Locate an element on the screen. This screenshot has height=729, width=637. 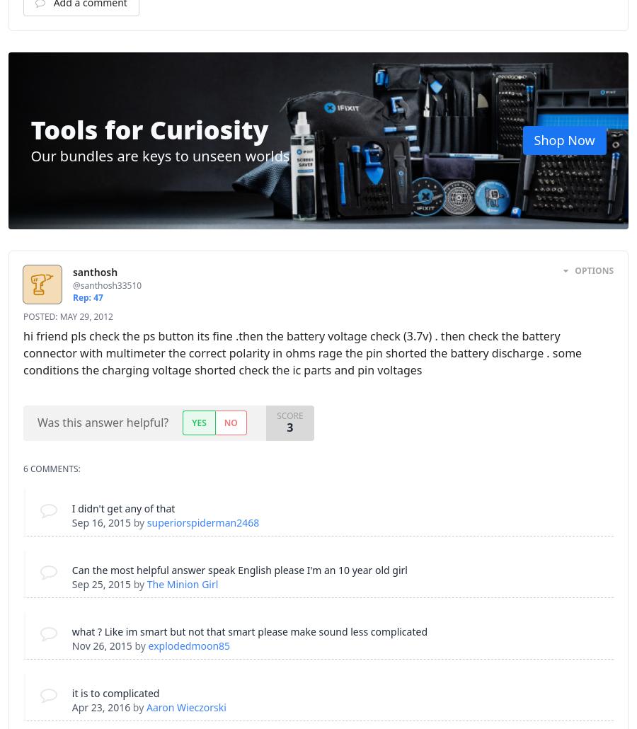
'6 Comments:' is located at coordinates (50, 468).